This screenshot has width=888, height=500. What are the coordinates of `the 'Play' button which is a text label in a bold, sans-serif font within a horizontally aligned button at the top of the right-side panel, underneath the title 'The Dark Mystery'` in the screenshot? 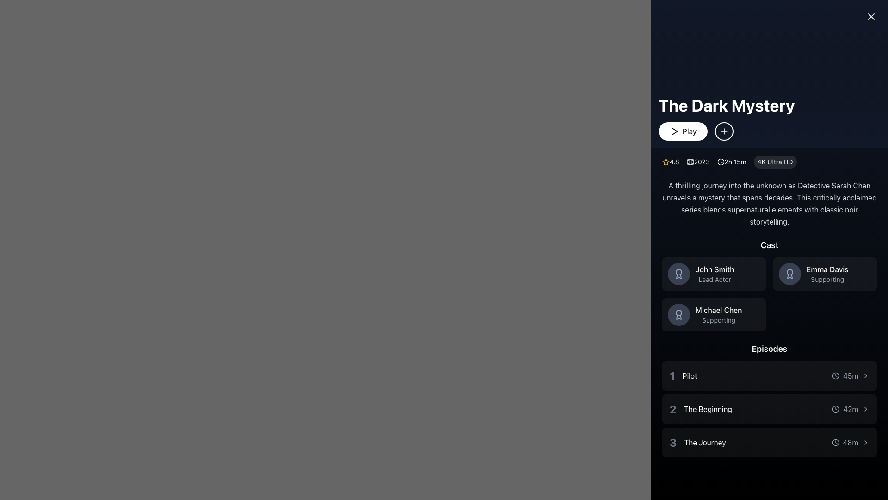 It's located at (690, 131).